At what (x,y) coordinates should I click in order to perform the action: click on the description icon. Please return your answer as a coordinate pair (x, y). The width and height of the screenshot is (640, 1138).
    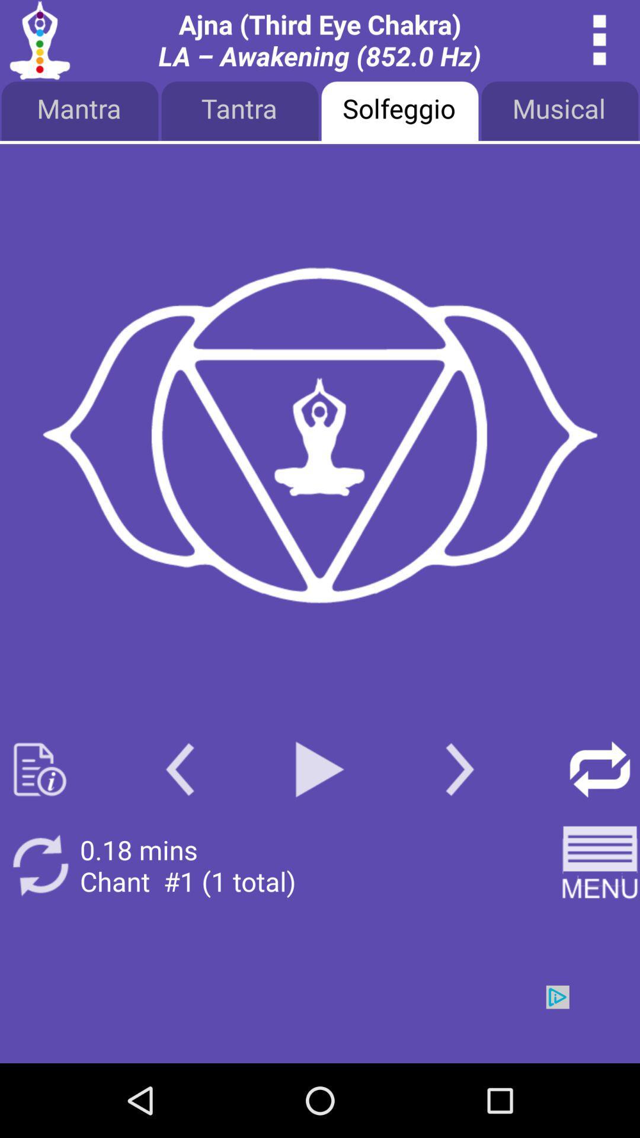
    Looking at the image, I should click on (39, 823).